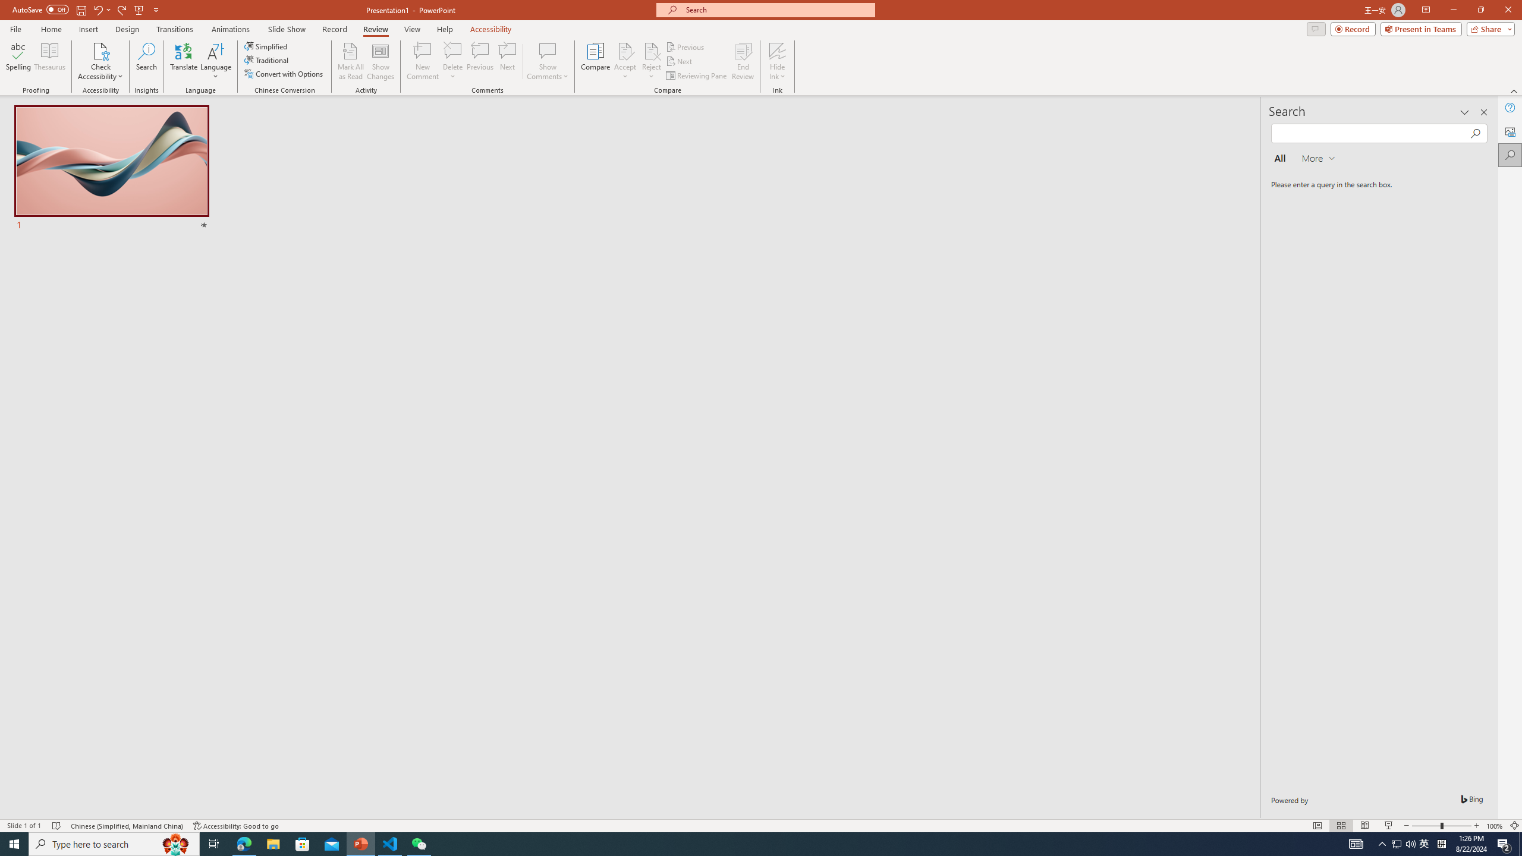 This screenshot has height=856, width=1522. What do you see at coordinates (625, 50) in the screenshot?
I see `'Accept Change'` at bounding box center [625, 50].